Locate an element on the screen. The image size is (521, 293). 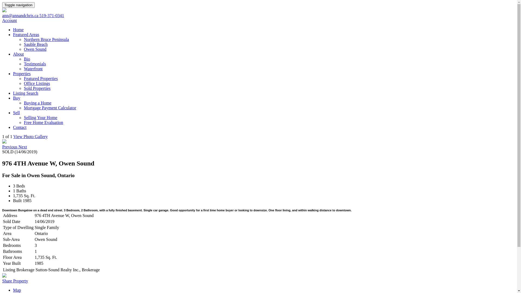
'About' is located at coordinates (13, 54).